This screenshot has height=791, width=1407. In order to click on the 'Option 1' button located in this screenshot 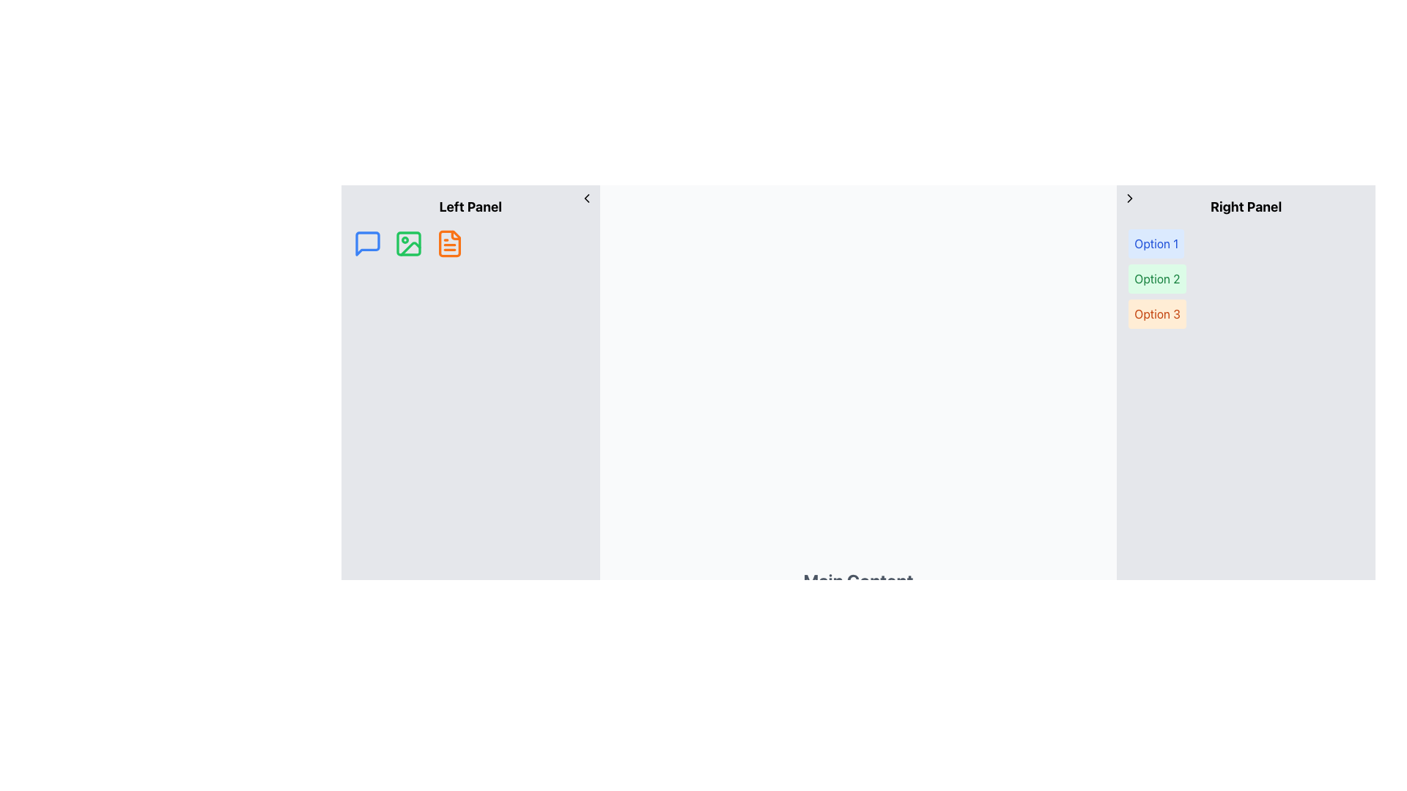, I will do `click(1156, 242)`.